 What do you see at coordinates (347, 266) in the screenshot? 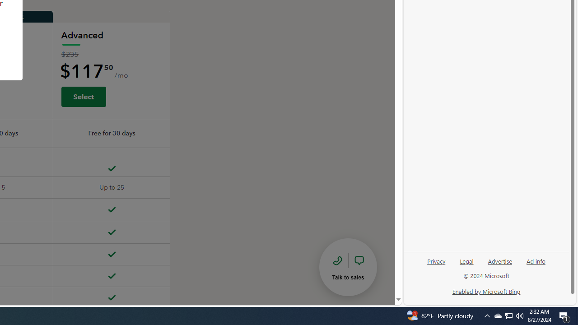
I see `'talk to sales'` at bounding box center [347, 266].